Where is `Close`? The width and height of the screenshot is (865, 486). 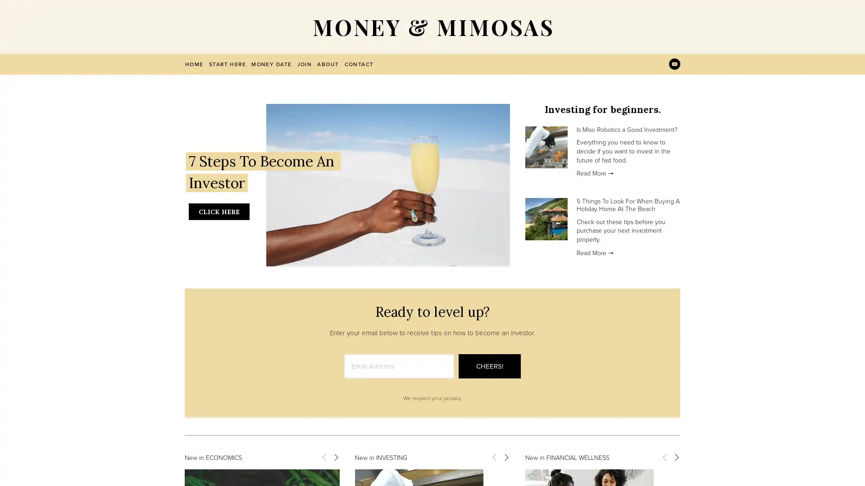
Close is located at coordinates (591, 132).